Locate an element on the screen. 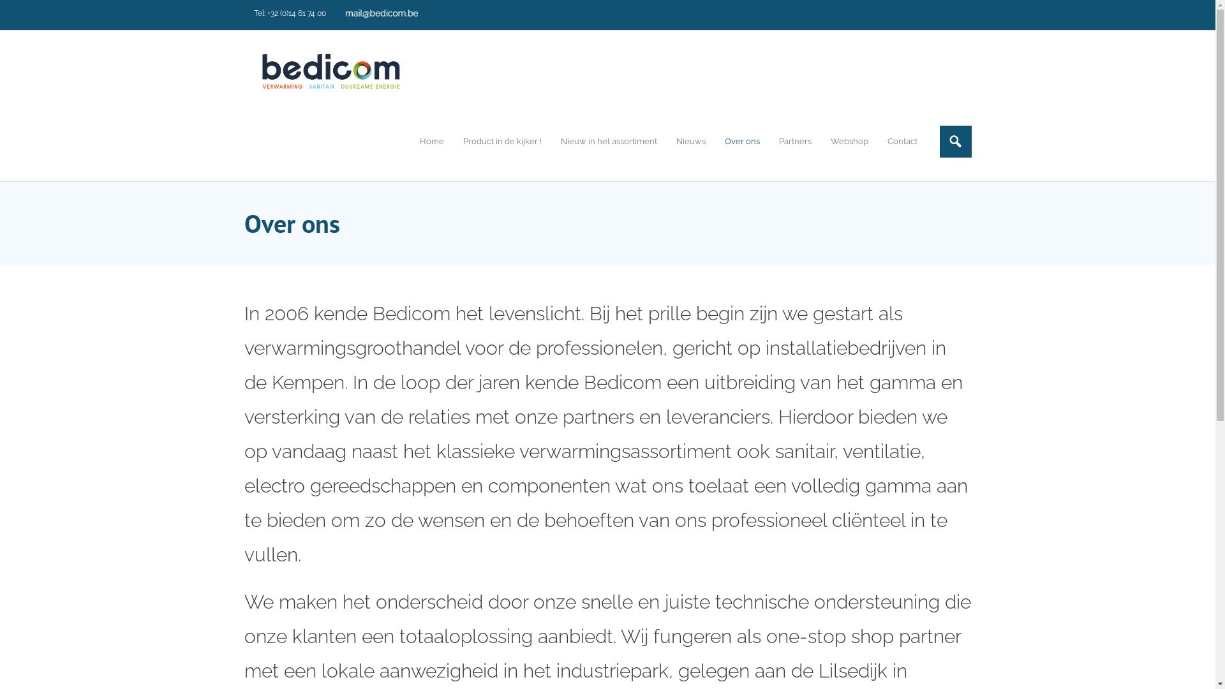  'Home' is located at coordinates (410, 141).